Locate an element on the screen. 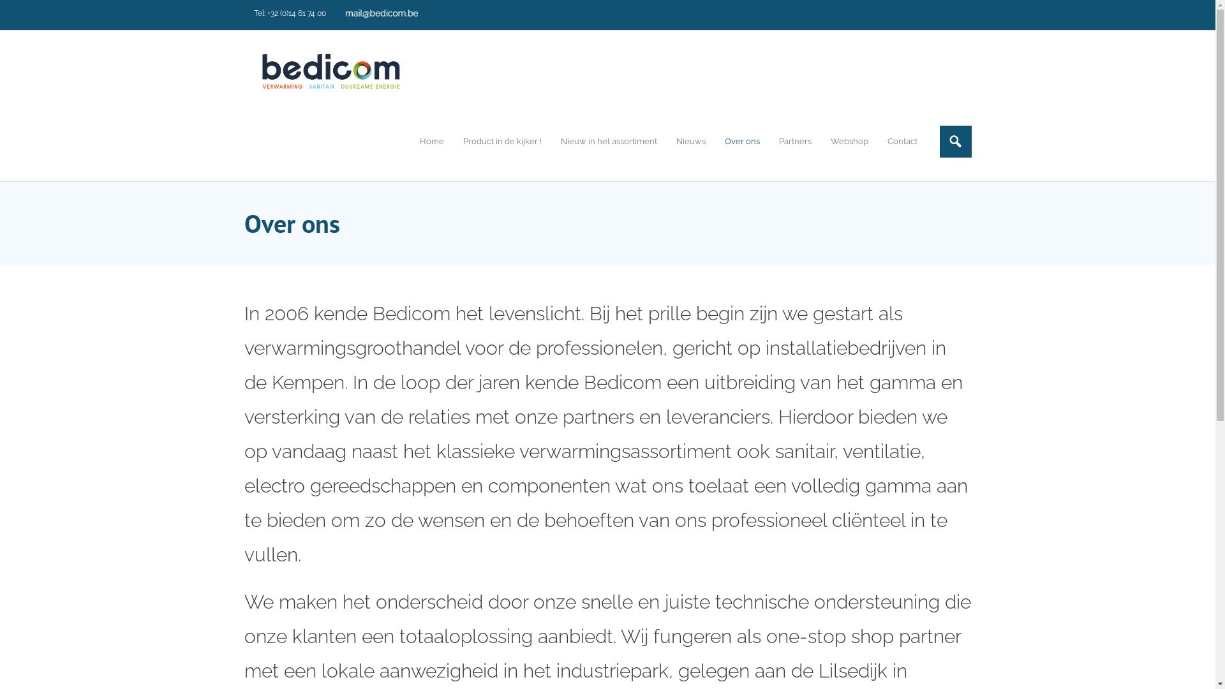  'Home' is located at coordinates (410, 141).